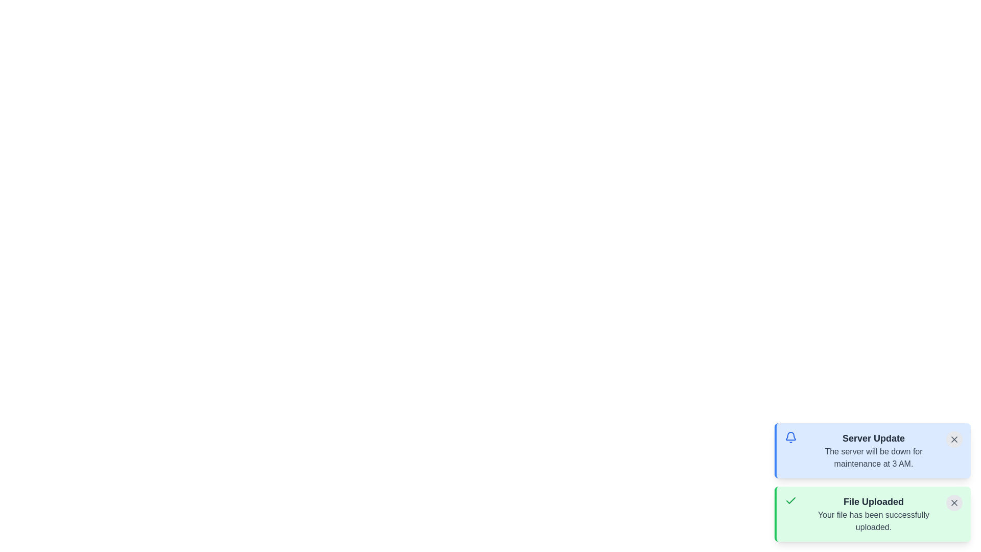  Describe the element at coordinates (790, 436) in the screenshot. I see `the context of the bell-shaped vector graphic icon indicating notifications within the 'Server Update' notification card located at the right-bottom area of the interface` at that location.